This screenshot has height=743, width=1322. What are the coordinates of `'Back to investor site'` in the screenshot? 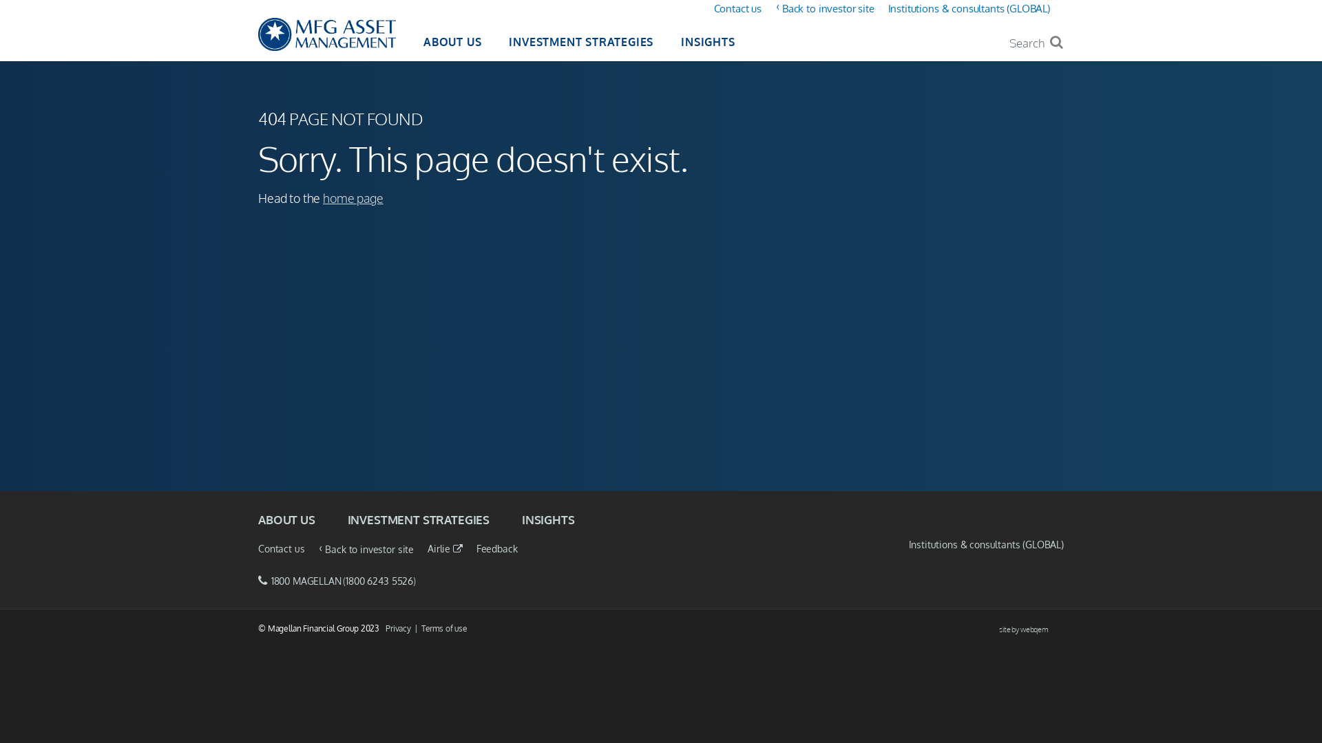 It's located at (828, 8).